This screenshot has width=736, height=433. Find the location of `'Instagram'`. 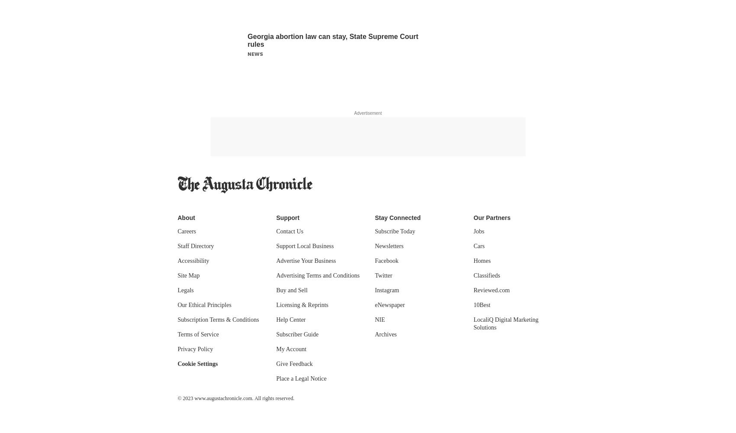

'Instagram' is located at coordinates (386, 290).